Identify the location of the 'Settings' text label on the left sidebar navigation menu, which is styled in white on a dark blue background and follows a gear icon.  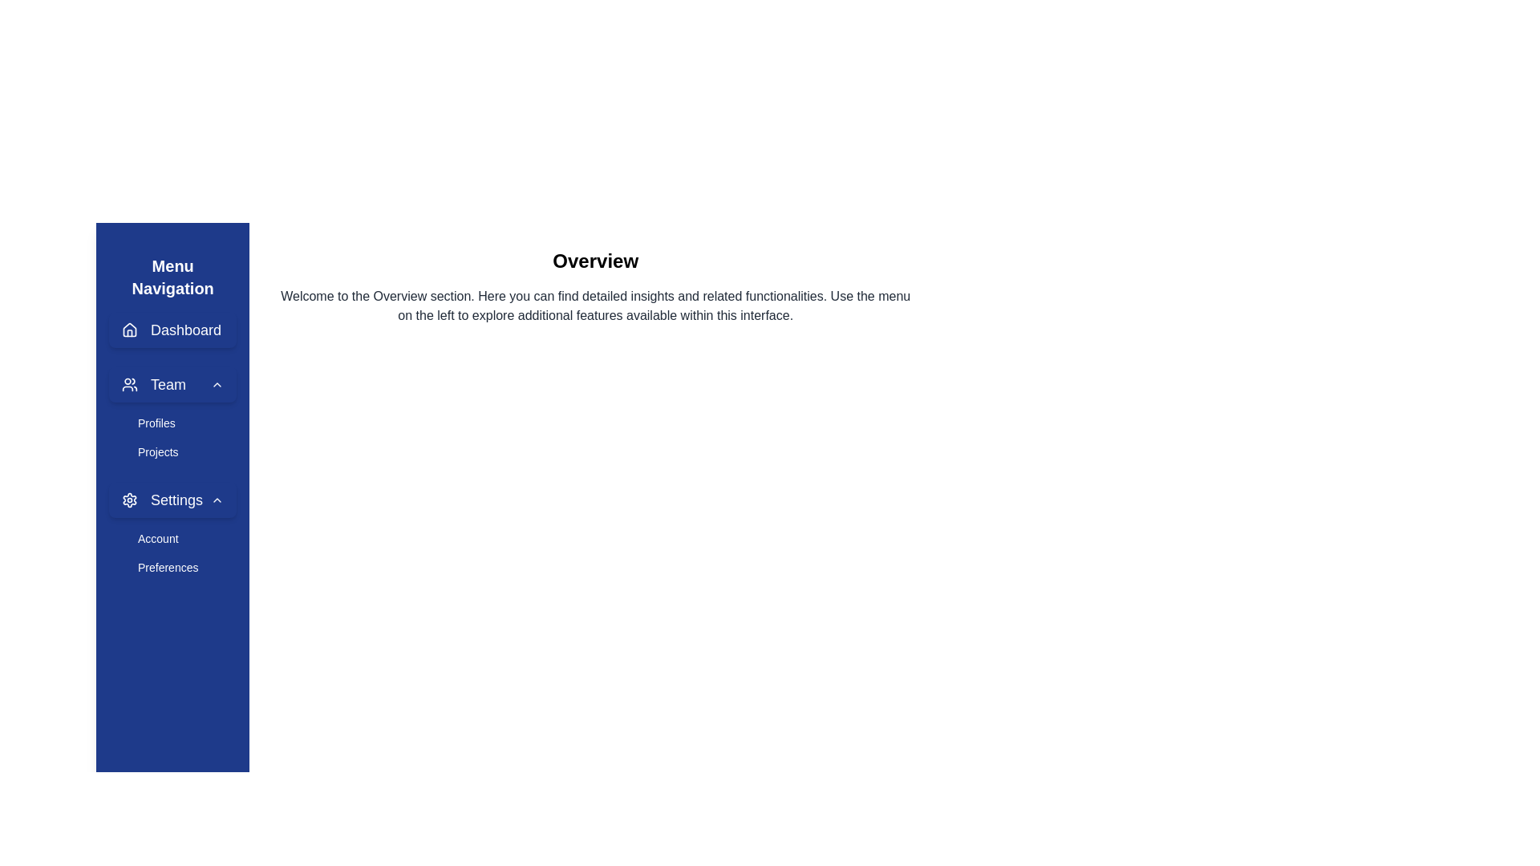
(180, 500).